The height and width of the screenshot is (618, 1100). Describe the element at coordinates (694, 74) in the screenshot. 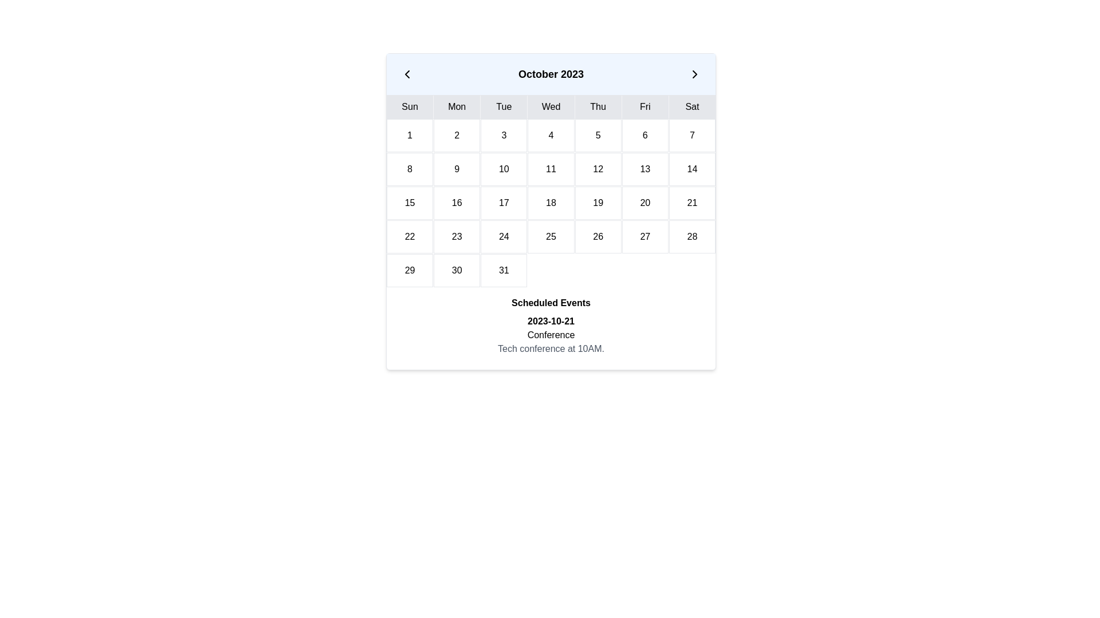

I see `the second circular button on the right side of the calendar's header bar` at that location.